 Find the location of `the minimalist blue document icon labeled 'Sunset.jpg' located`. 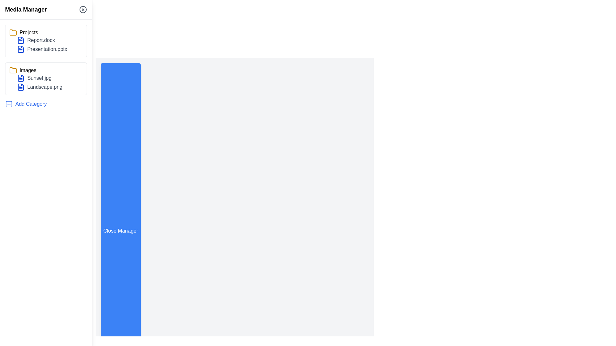

the minimalist blue document icon labeled 'Sunset.jpg' located is located at coordinates (21, 78).